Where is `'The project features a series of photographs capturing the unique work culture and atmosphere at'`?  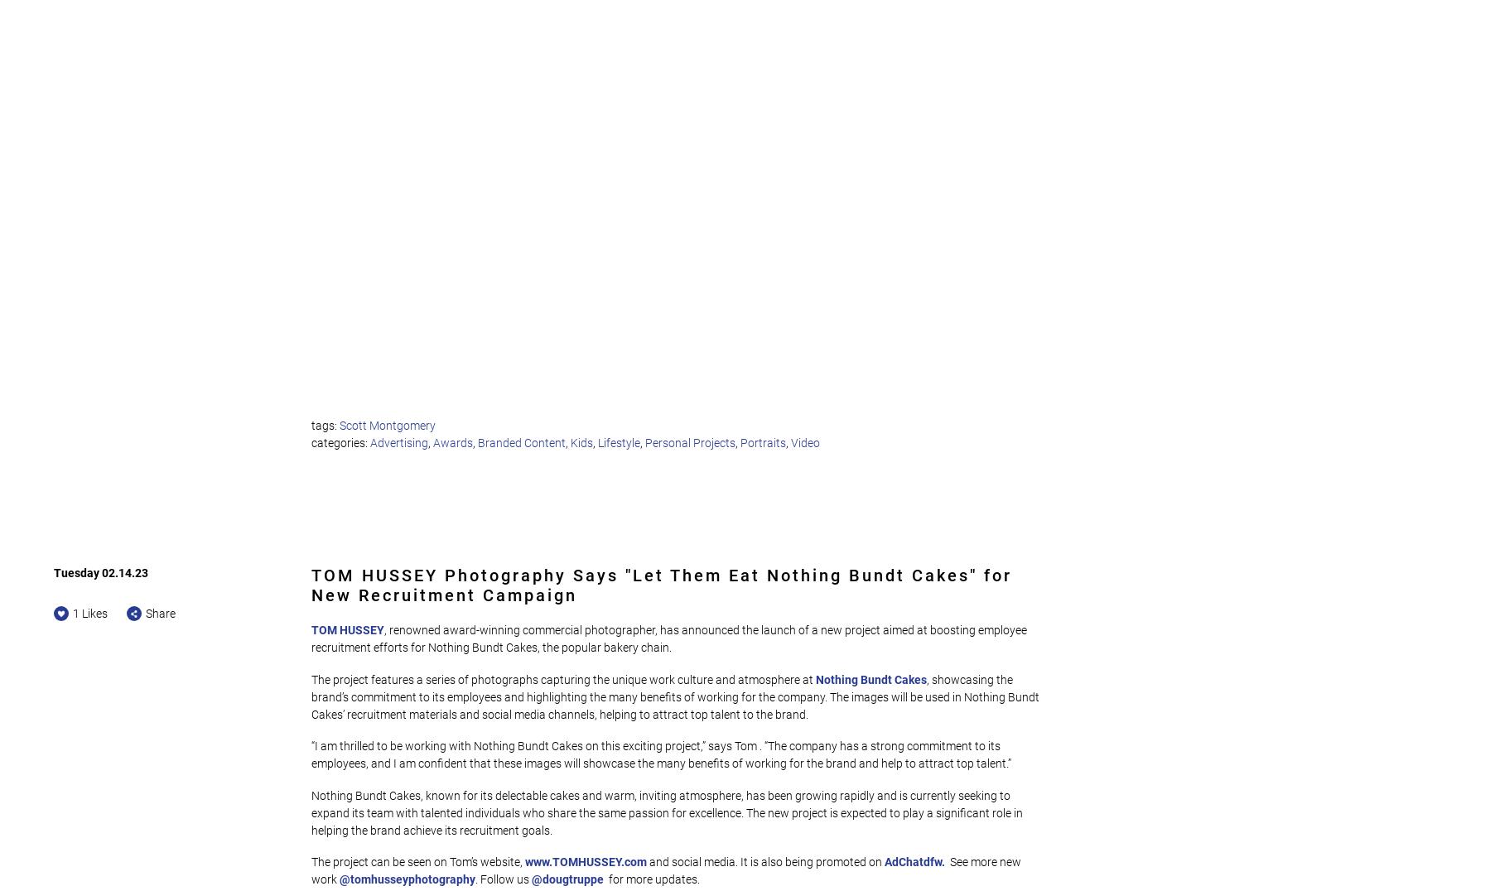 'The project features a series of photographs capturing the unique work culture and atmosphere at' is located at coordinates (563, 678).